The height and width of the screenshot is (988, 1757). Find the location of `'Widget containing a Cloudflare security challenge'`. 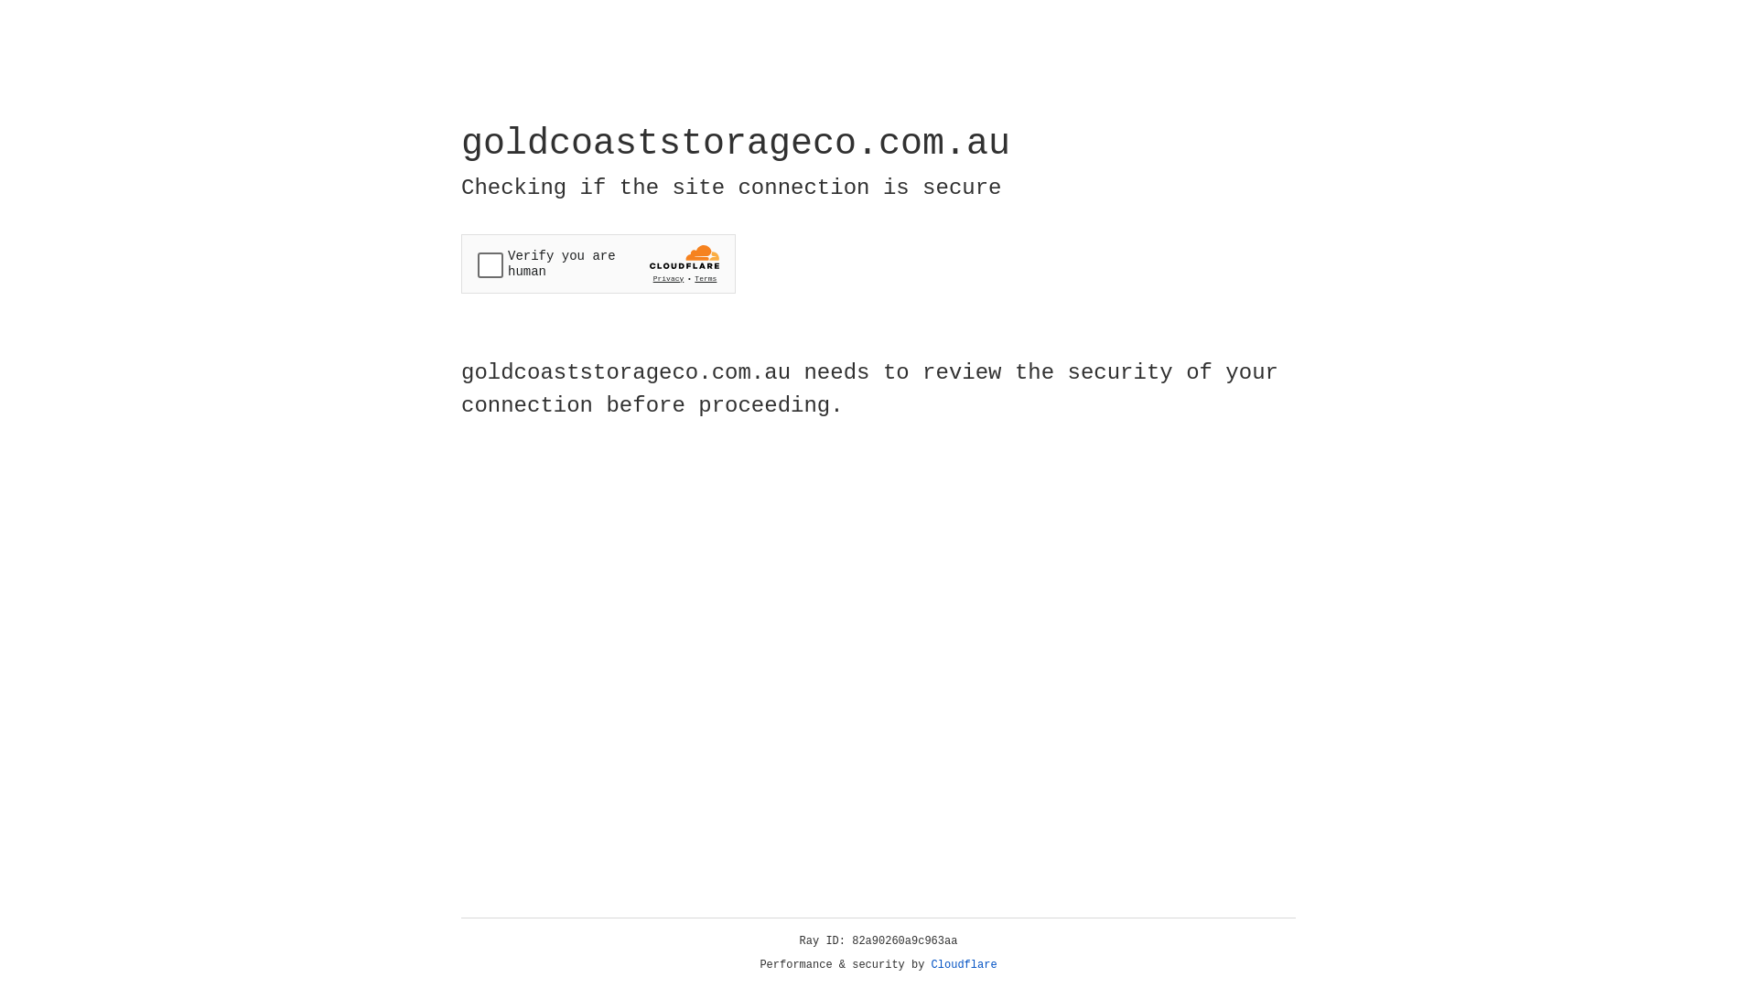

'Widget containing a Cloudflare security challenge' is located at coordinates (598, 263).